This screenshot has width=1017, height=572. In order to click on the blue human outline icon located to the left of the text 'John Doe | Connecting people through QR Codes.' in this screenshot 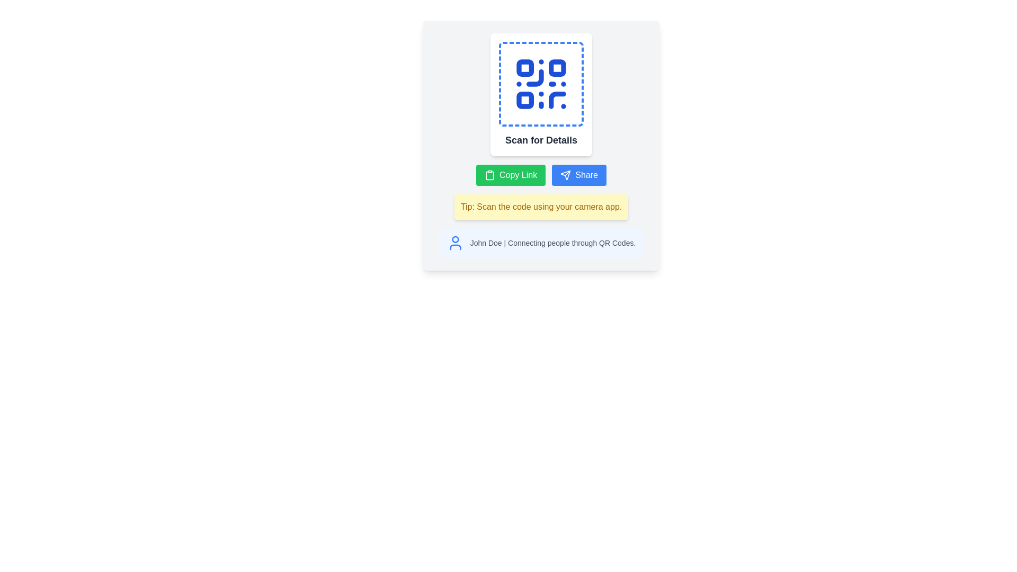, I will do `click(455, 243)`.